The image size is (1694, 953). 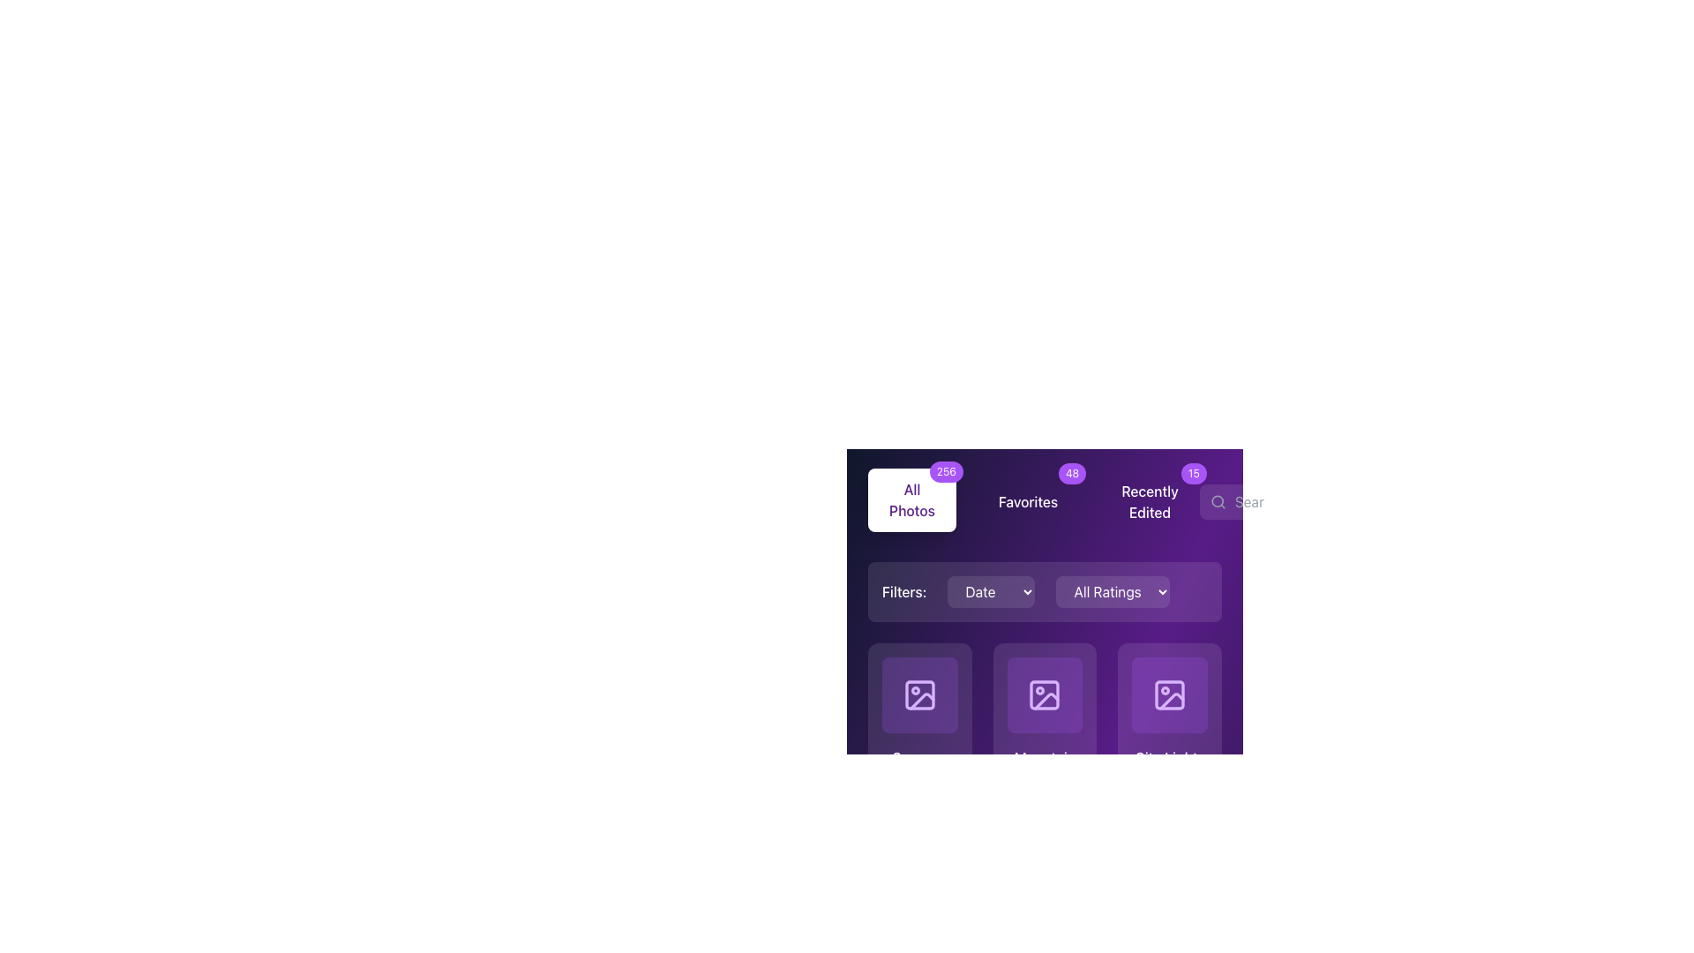 I want to click on the 'All Ratings' dropdown menu using the keyboard, which is positioned in the center of the filter bar, to the right of the 'Filters: Date' dropdown, so click(x=1045, y=591).